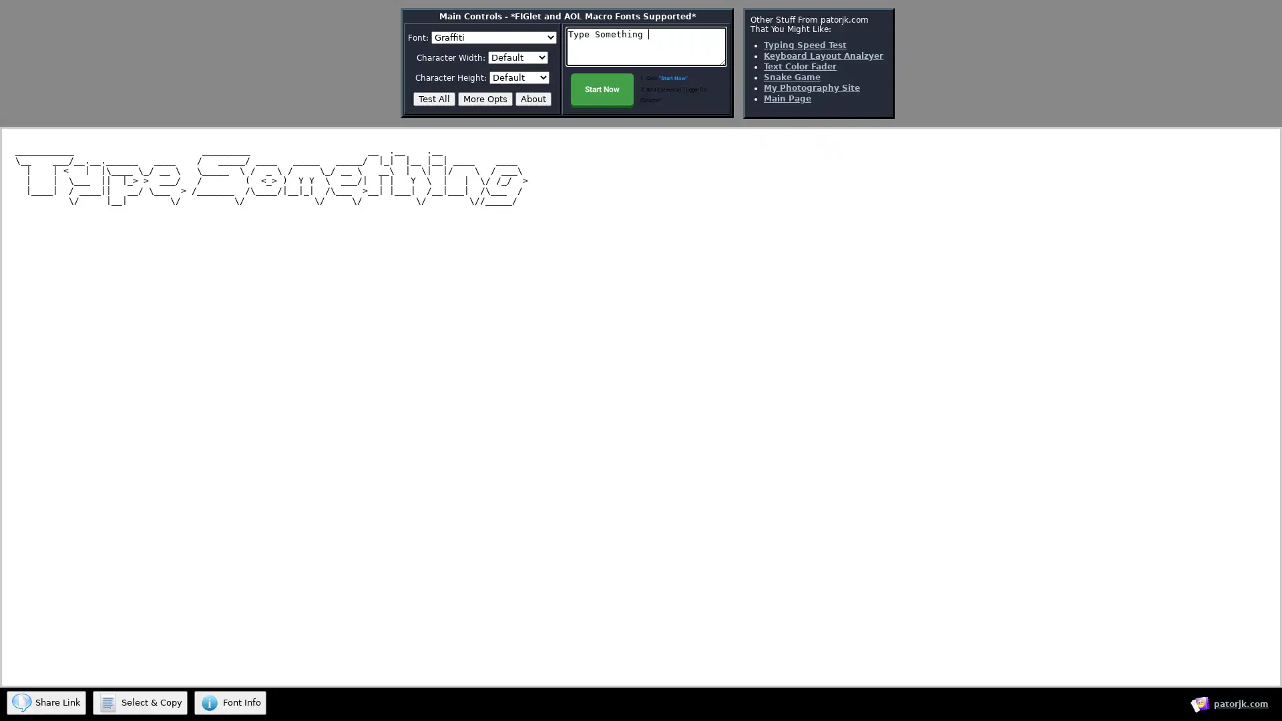  What do you see at coordinates (484, 97) in the screenshot?
I see `More Opts` at bounding box center [484, 97].